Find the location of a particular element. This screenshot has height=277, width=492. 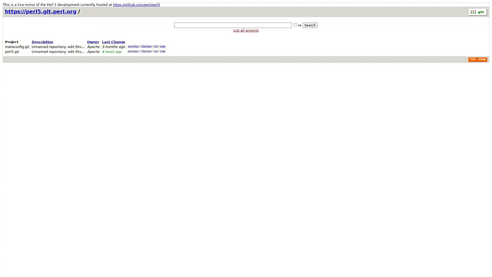

Search is located at coordinates (310, 25).